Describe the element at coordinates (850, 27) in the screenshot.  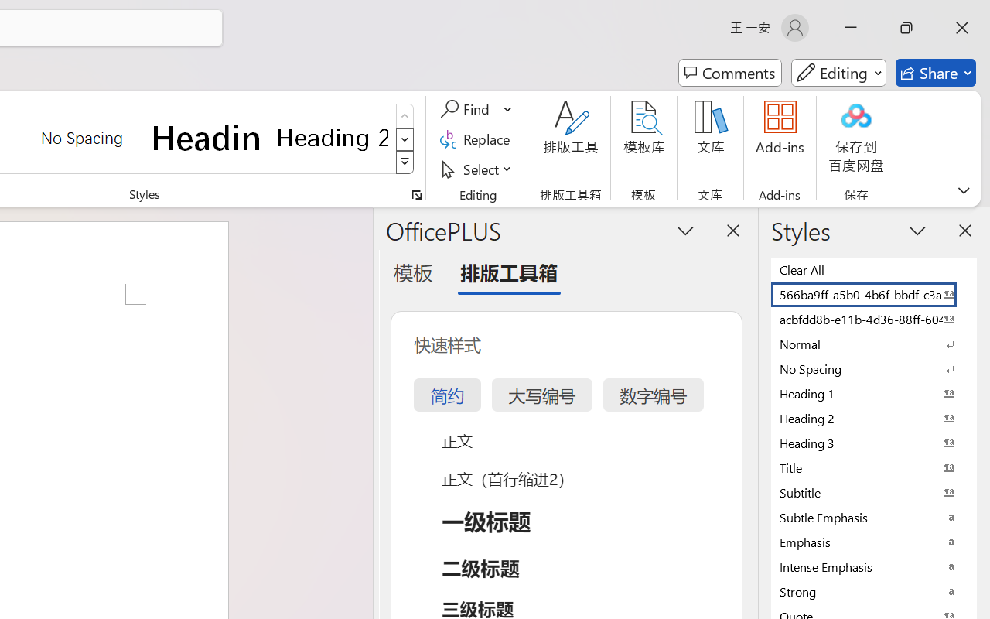
I see `'Minimize'` at that location.